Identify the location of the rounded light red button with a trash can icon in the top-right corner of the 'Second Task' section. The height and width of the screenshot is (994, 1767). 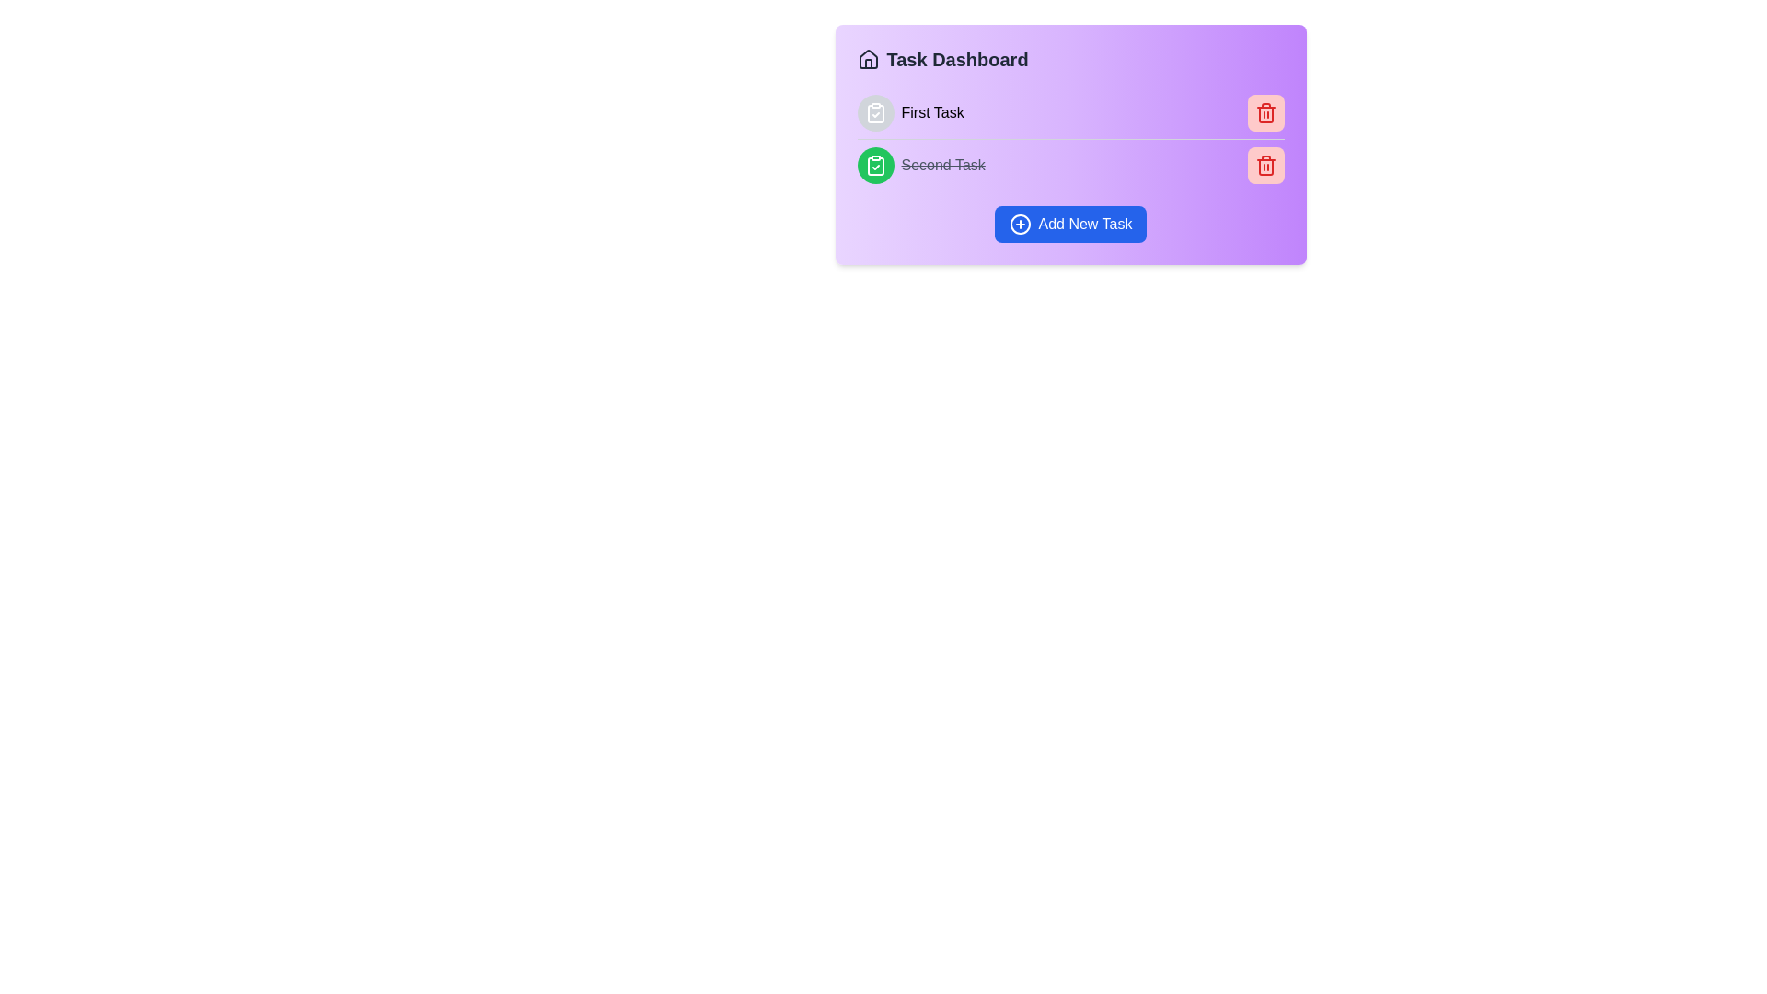
(1265, 166).